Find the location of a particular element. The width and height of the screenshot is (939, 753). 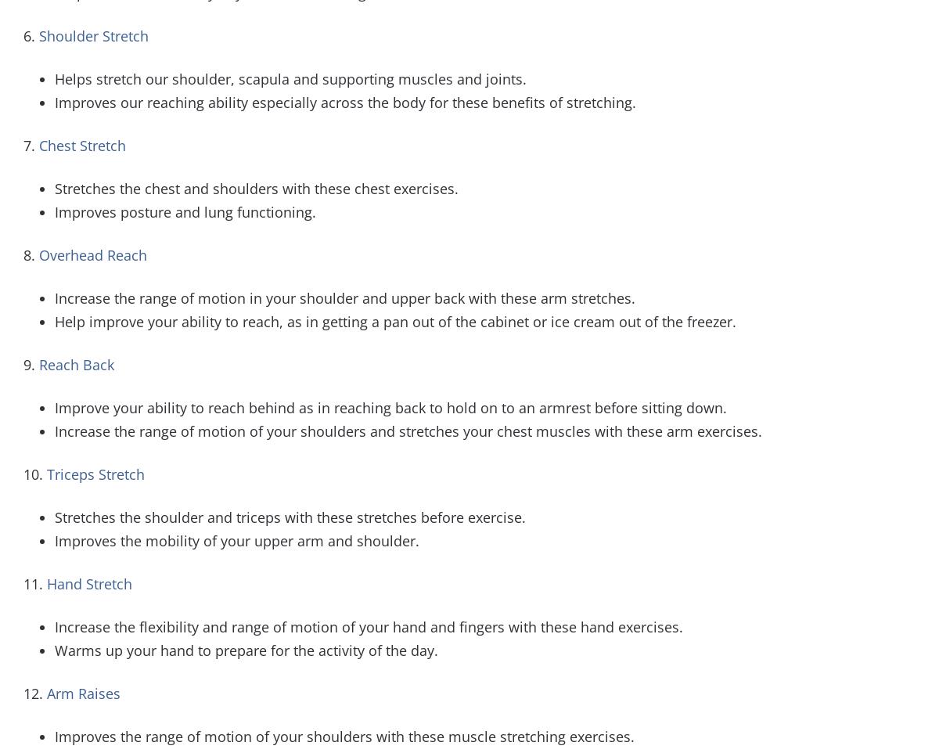

'Improve your ability to reach behind as in reaching back to hold on to an armrest before sitting down.' is located at coordinates (390, 405).